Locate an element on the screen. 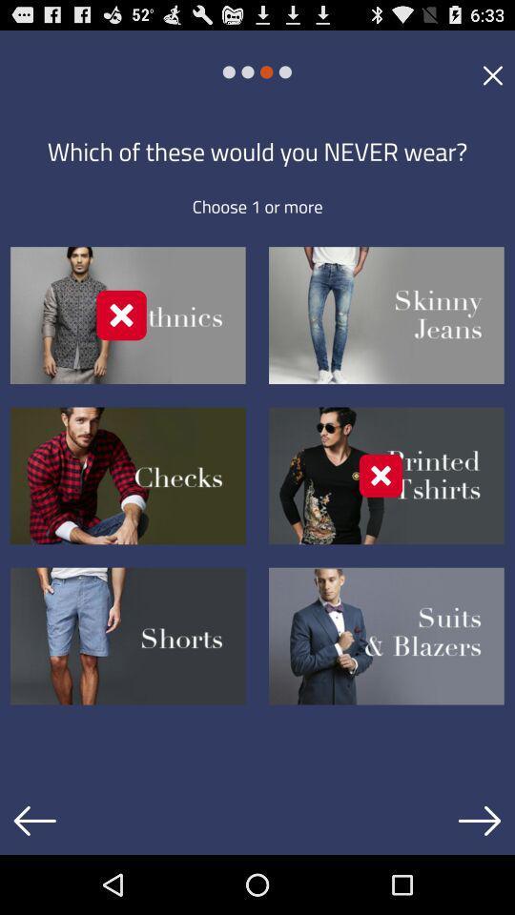 This screenshot has height=915, width=515. the page is located at coordinates (492, 74).